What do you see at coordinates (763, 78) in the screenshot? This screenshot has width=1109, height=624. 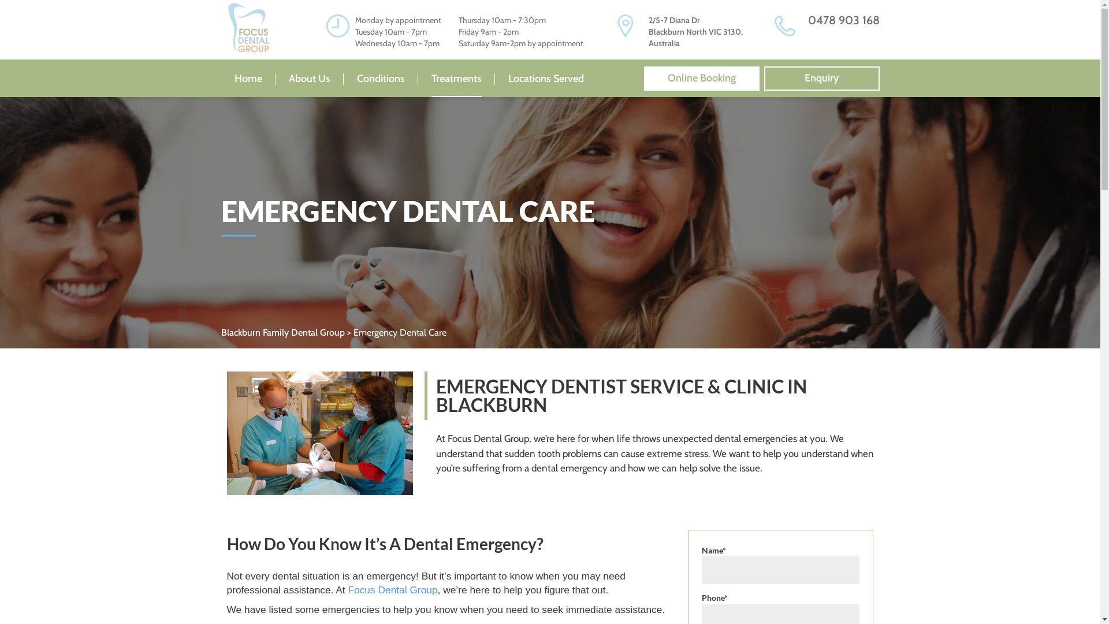 I see `'Enquiry'` at bounding box center [763, 78].